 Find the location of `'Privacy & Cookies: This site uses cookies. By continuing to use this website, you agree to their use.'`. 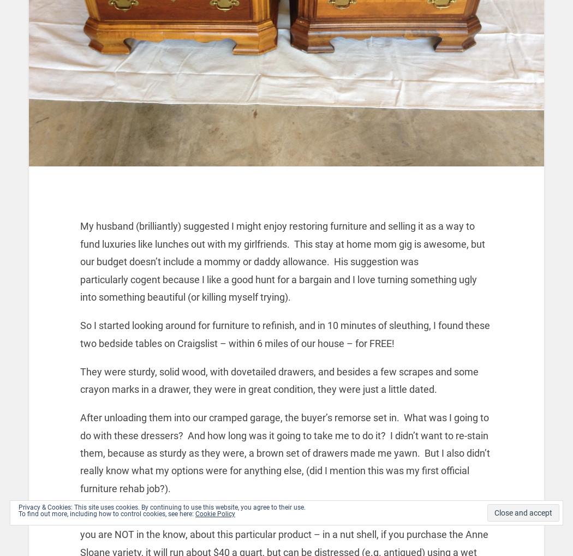

'Privacy & Cookies: This site uses cookies. By continuing to use this website, you agree to their use.' is located at coordinates (162, 507).